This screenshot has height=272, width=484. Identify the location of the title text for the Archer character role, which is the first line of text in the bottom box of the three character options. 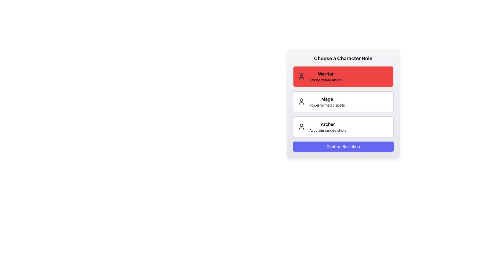
(328, 124).